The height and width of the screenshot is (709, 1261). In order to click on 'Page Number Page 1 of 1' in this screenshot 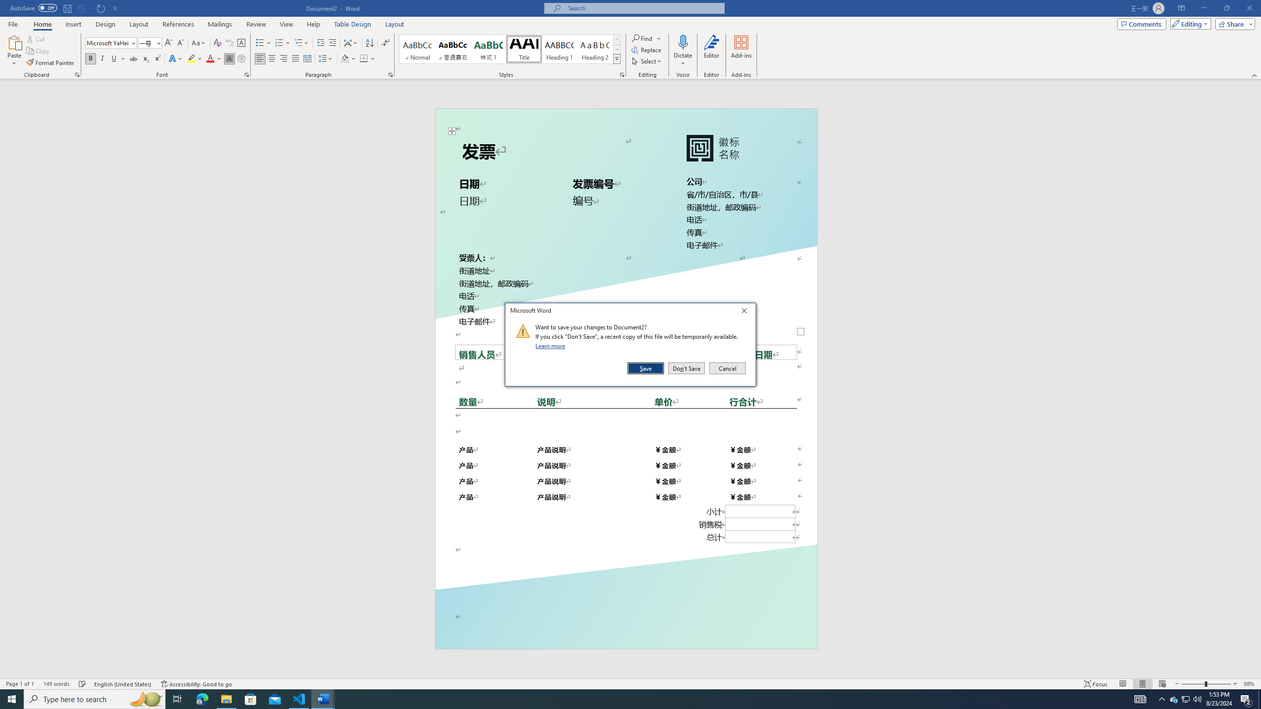, I will do `click(20, 684)`.